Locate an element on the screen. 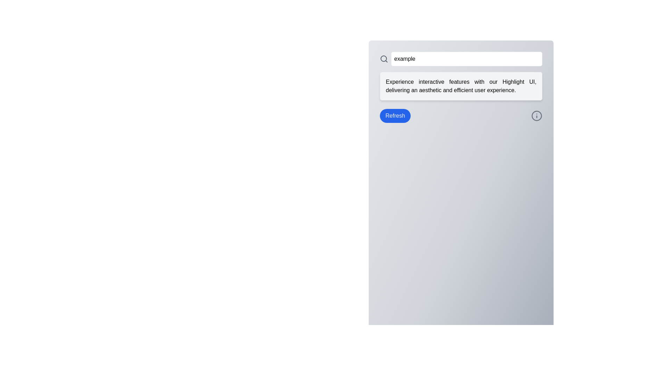 This screenshot has height=377, width=671. block of justified text containing 'Experience interactive features with our Highlight UI, delivering an aesthetic and efficient user experience.' which is located in the center region of the interface, below the search bar and above the 'Refresh' button is located at coordinates (461, 86).